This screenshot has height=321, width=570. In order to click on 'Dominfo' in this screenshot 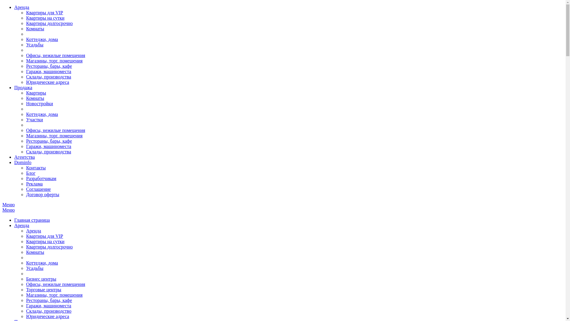, I will do `click(23, 162)`.